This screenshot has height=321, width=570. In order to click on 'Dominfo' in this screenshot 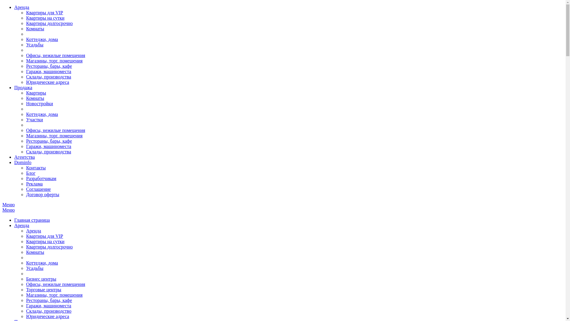, I will do `click(23, 162)`.